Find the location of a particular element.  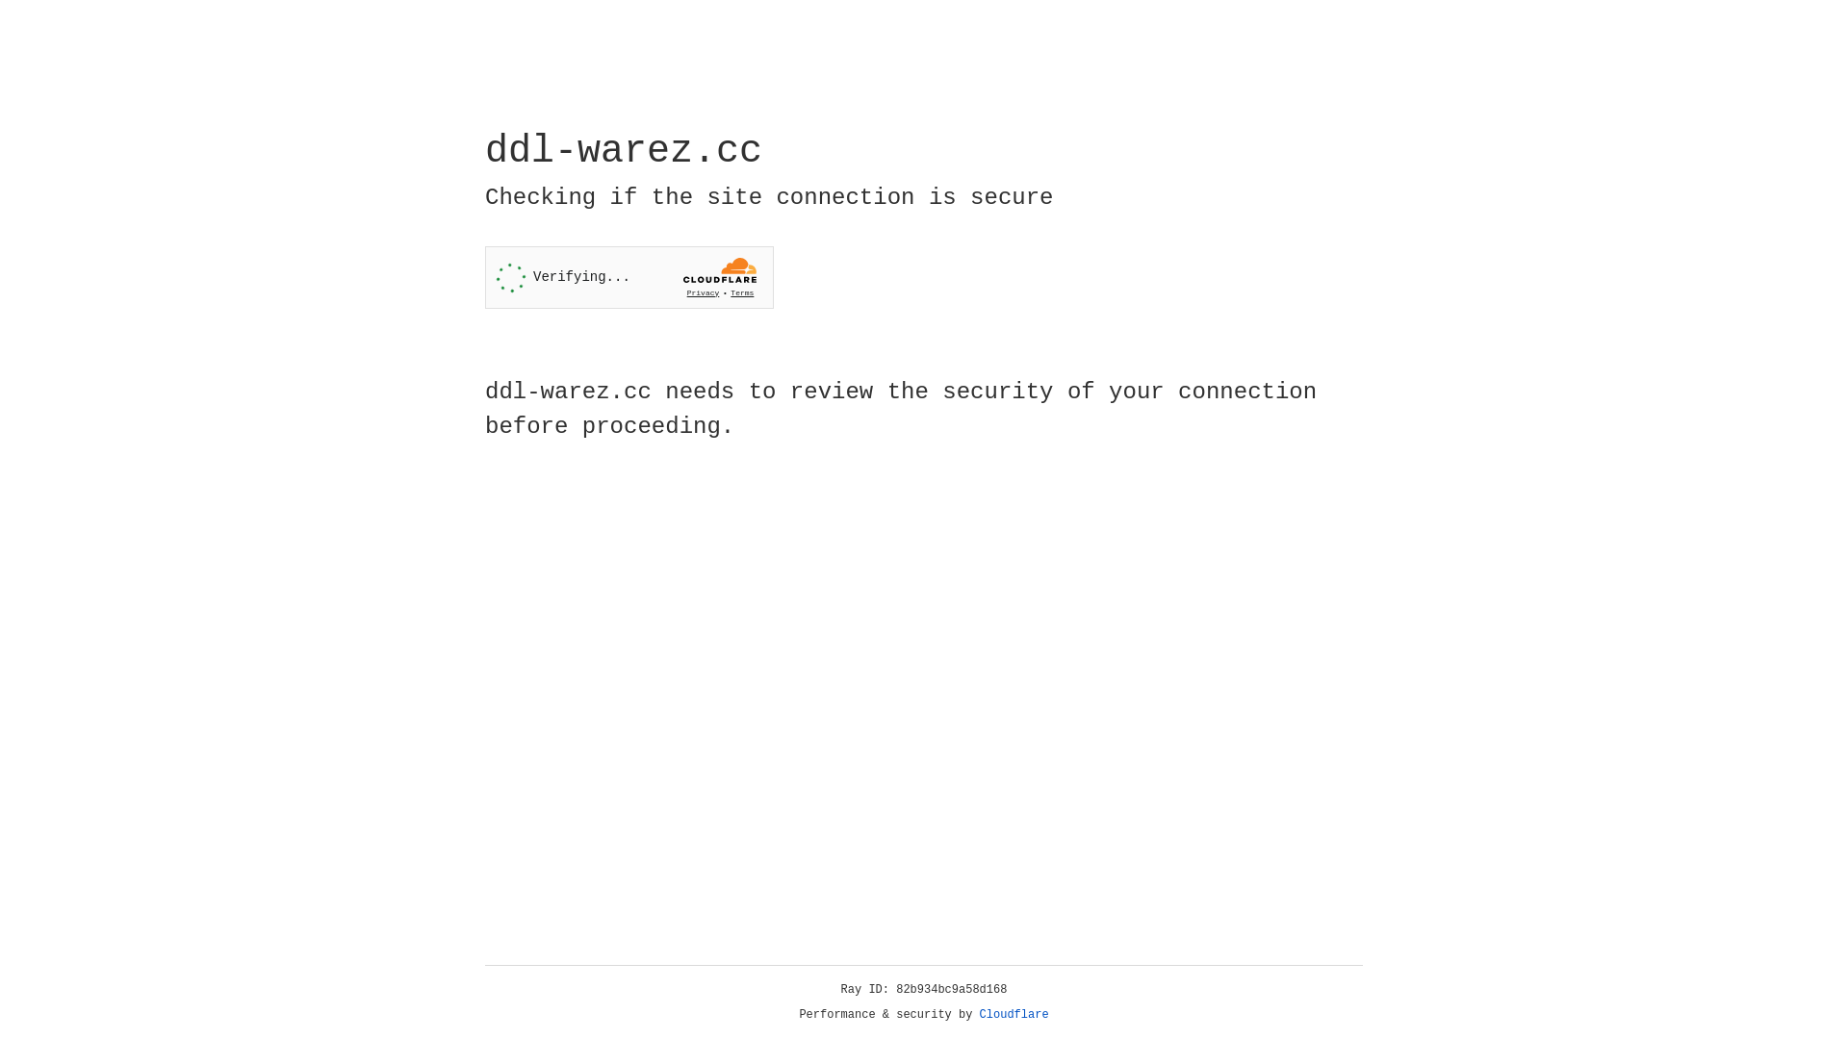

'Widget containing a Cloudflare security challenge' is located at coordinates (629, 277).